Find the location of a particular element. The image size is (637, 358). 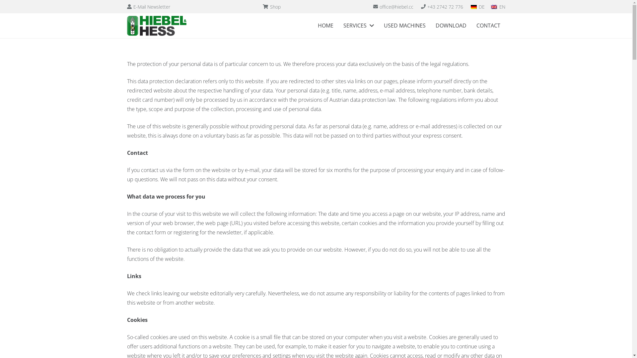

'USED MACHINES' is located at coordinates (404, 25).